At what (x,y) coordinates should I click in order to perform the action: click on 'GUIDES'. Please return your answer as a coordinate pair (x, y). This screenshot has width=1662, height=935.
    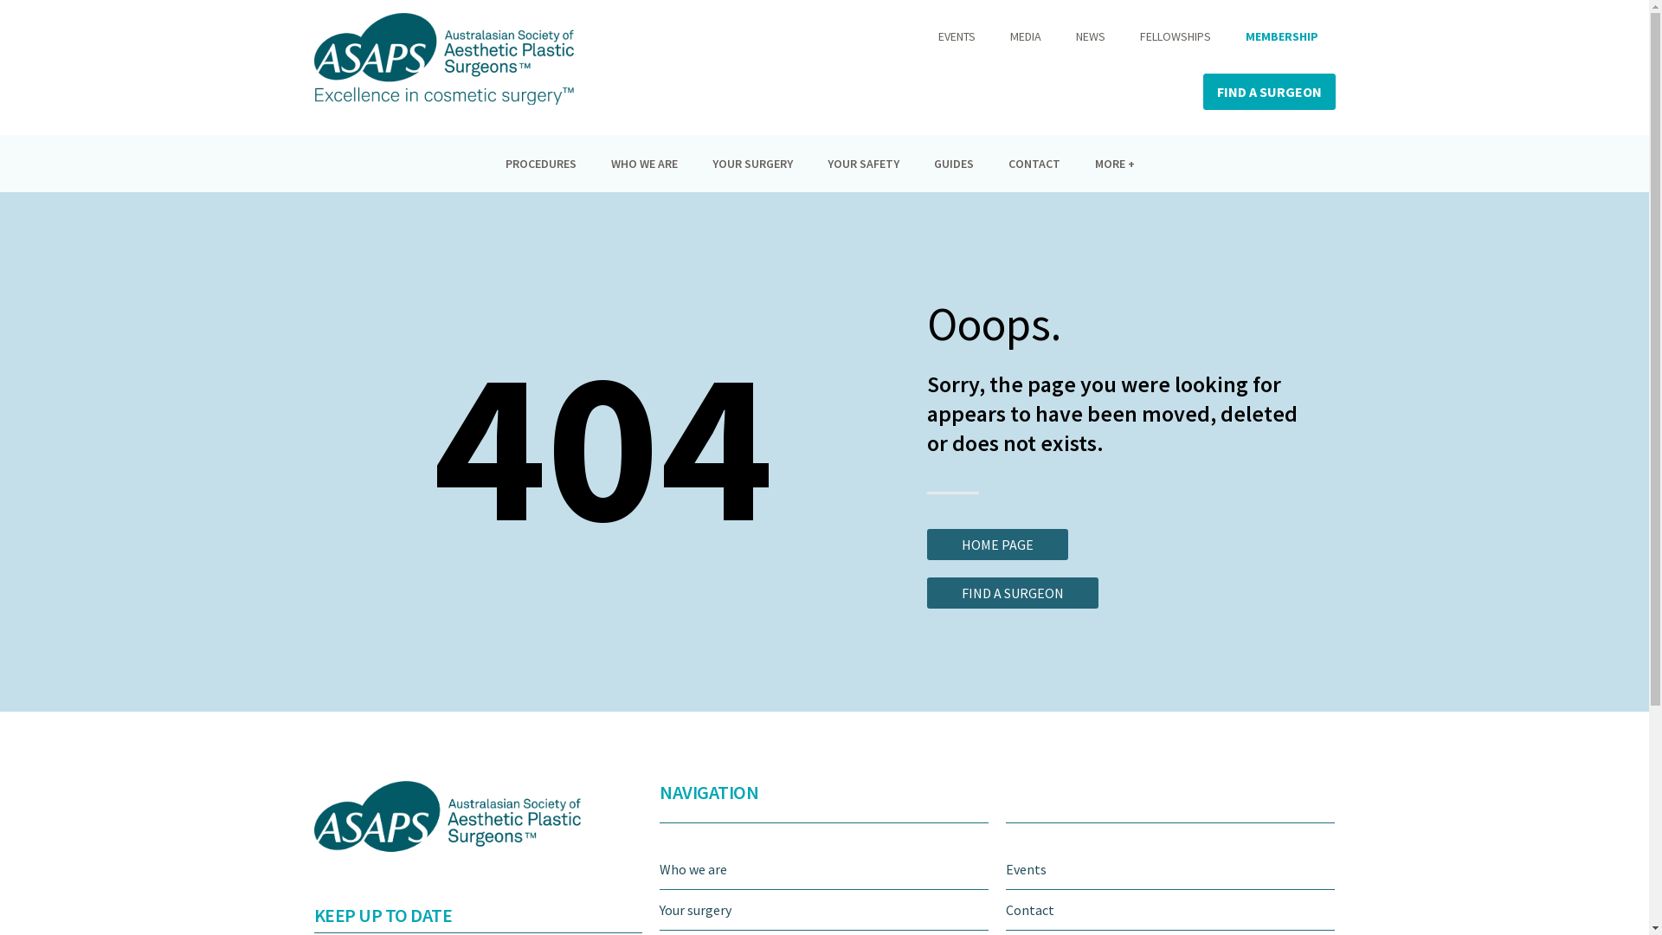
    Looking at the image, I should click on (953, 164).